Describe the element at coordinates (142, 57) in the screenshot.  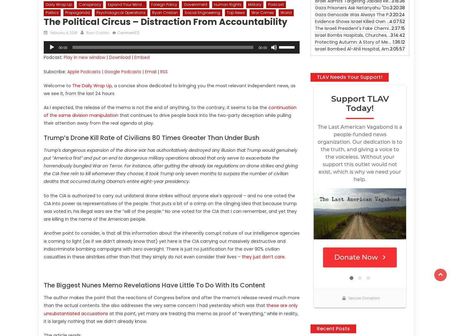
I see `'Embed'` at that location.